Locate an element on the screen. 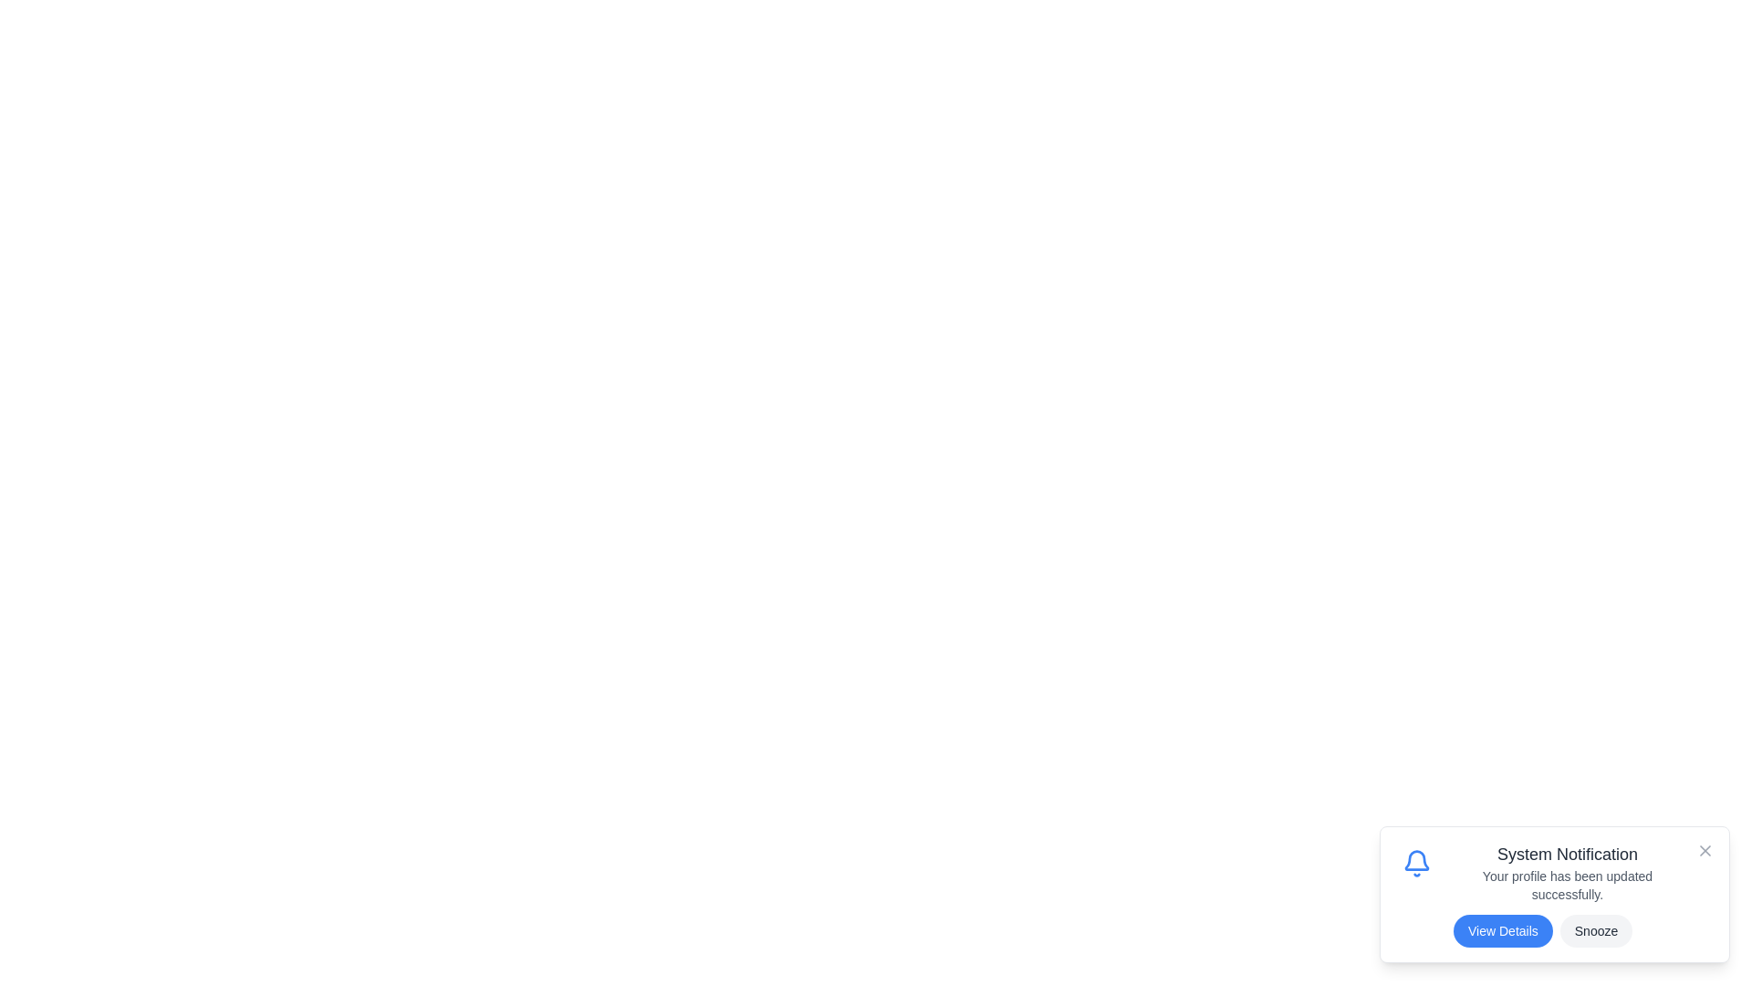 The height and width of the screenshot is (985, 1752). the 'X'-shaped icon located in the upper-right corner of the notification popup is located at coordinates (1704, 851).